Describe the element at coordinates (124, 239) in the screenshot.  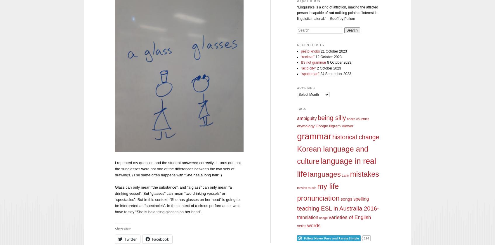
I see `'Twitter'` at that location.